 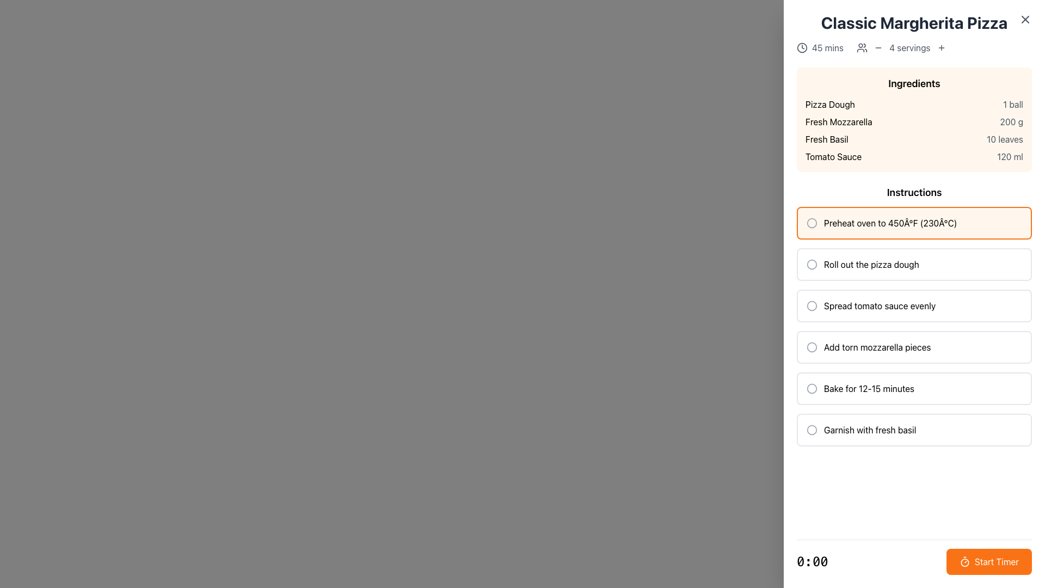 What do you see at coordinates (914, 347) in the screenshot?
I see `the fourth instruction in the 'Instructions' section, which is a combination of a clickable checkbox and a label indicating a step in the recipe preparation process` at bounding box center [914, 347].